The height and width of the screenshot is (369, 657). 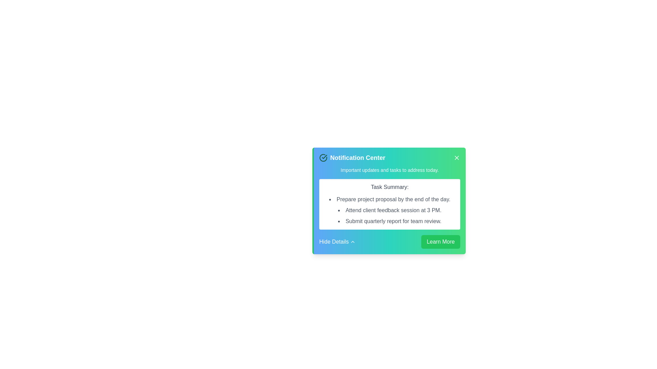 What do you see at coordinates (456, 158) in the screenshot?
I see `the Close button icon, which is a diagonal cross located in the top-right corner of the Notification Center card` at bounding box center [456, 158].